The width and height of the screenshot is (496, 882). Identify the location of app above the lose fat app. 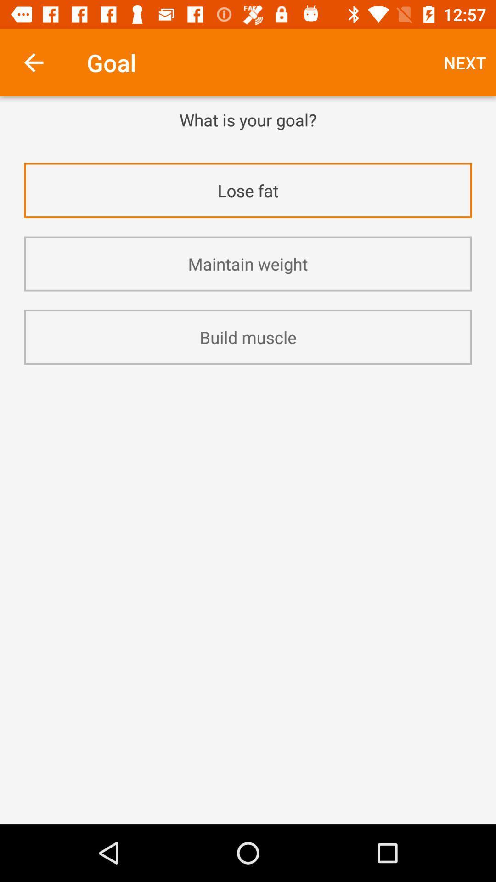
(248, 143).